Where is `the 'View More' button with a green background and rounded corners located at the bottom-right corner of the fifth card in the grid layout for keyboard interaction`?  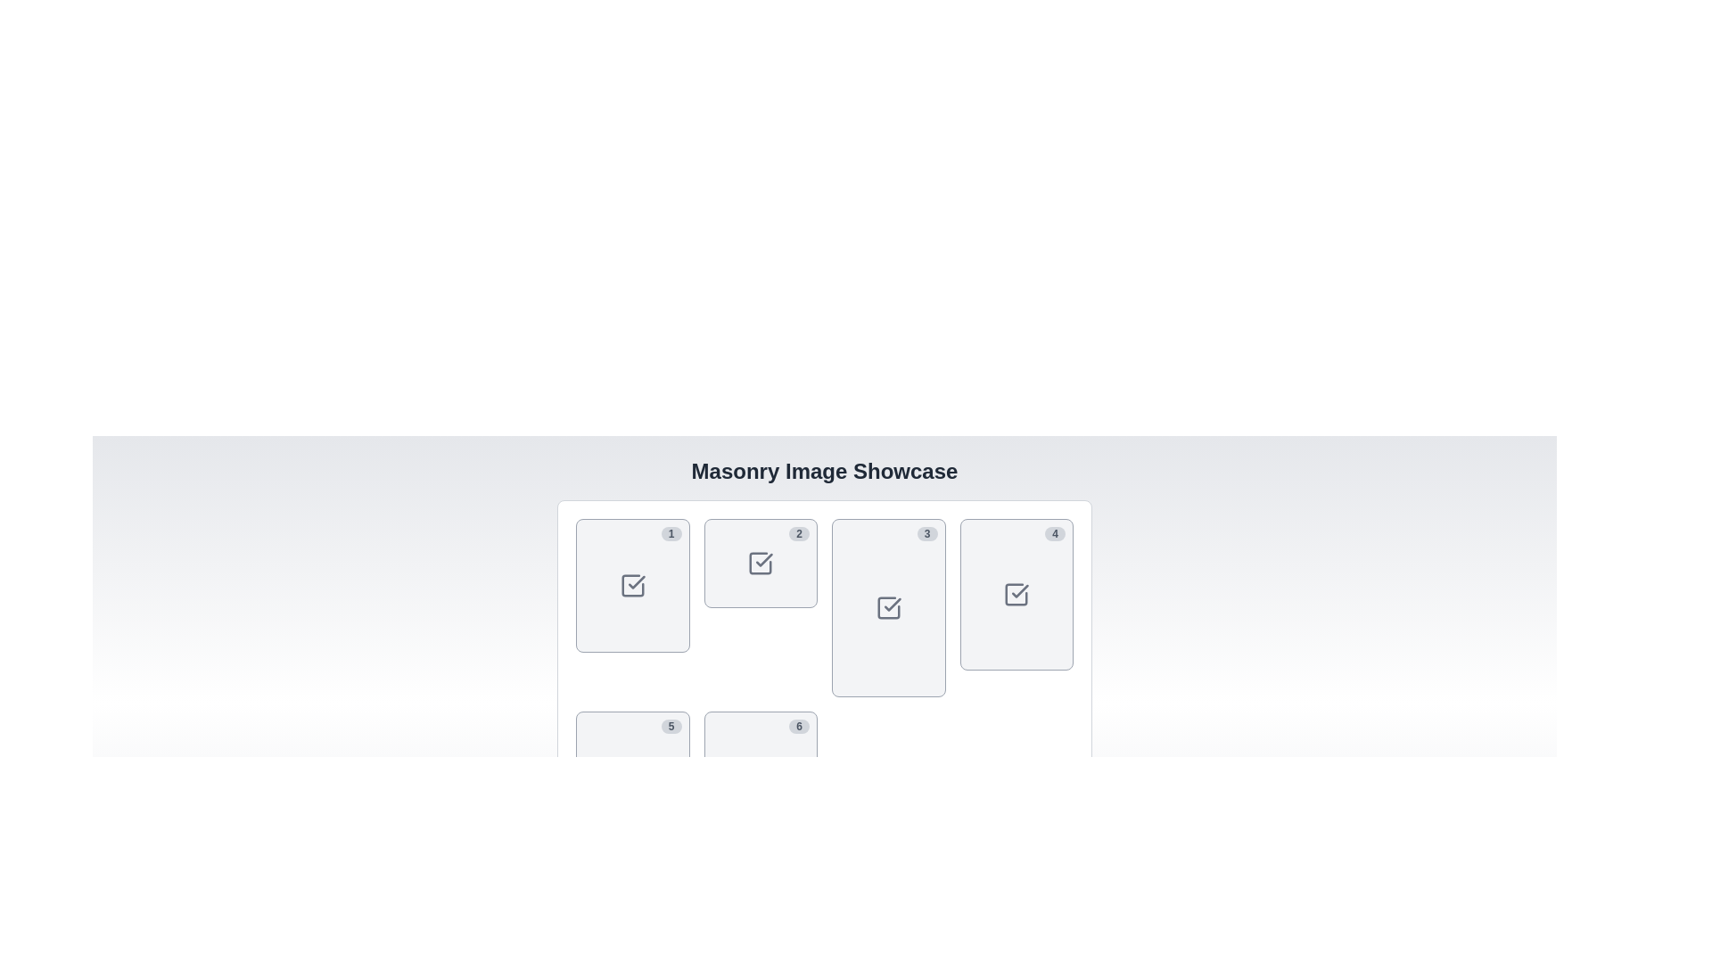
the 'View More' button with a green background and rounded corners located at the bottom-right corner of the fifth card in the grid layout for keyboard interaction is located at coordinates (632, 769).